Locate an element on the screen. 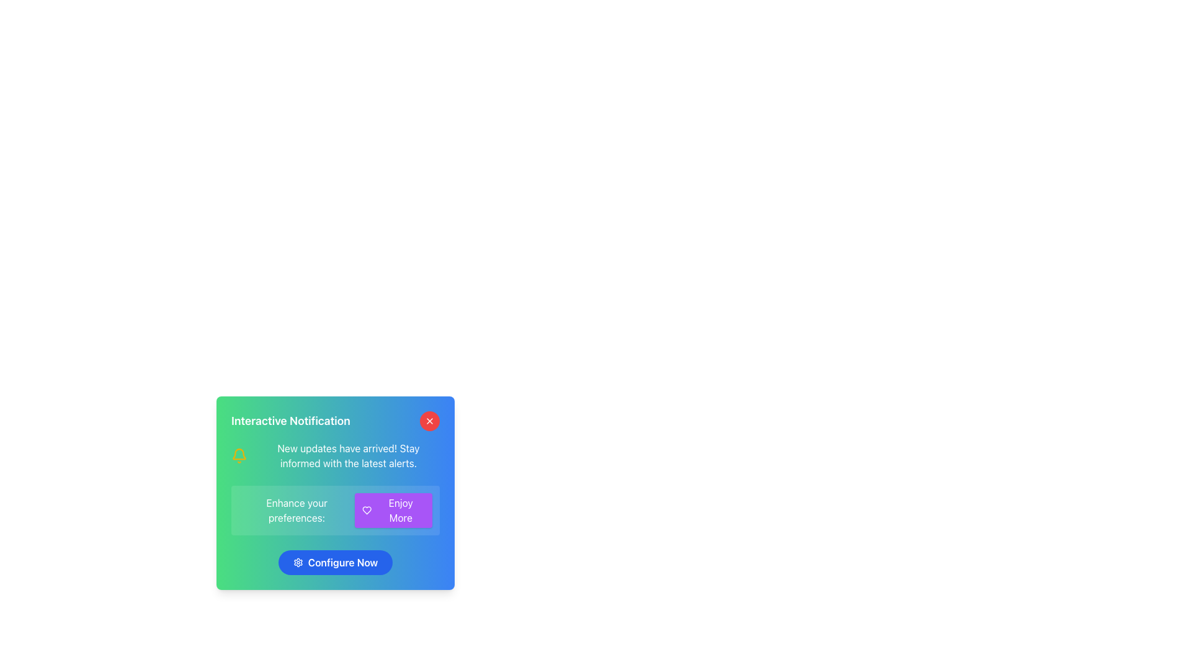 Image resolution: width=1191 pixels, height=670 pixels. the Notification banner containing the title 'Interactive Notification' and interactive buttons 'Enjoy More' and 'Configure Now' is located at coordinates (336, 492).